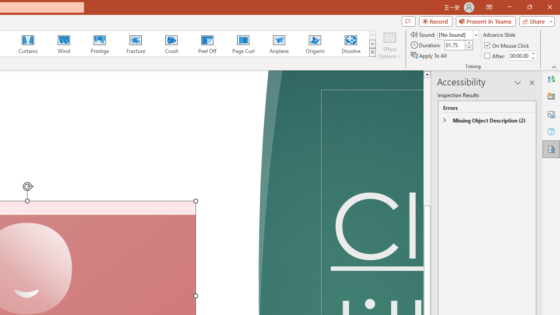 The height and width of the screenshot is (315, 560). Describe the element at coordinates (532, 83) in the screenshot. I see `'Close pane'` at that location.